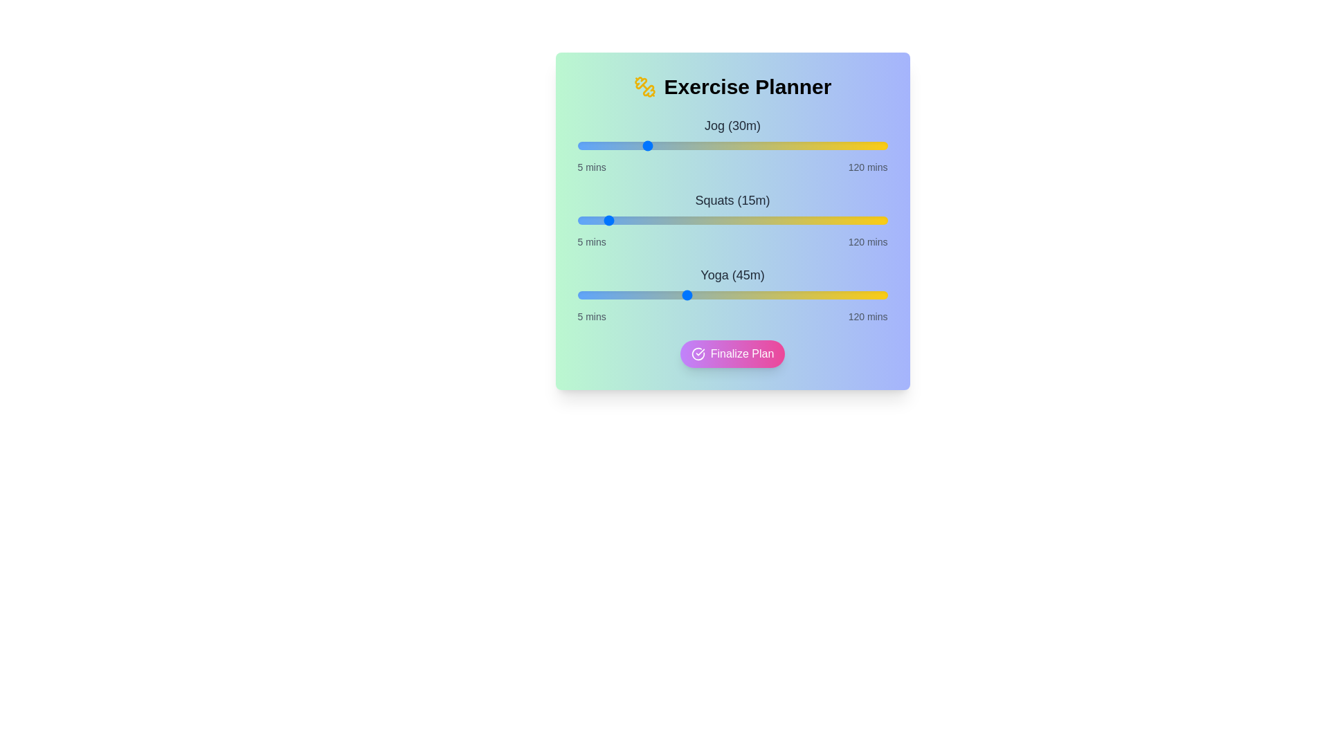  Describe the element at coordinates (639, 146) in the screenshot. I see `the duration of the 0 slider to 28 minutes` at that location.